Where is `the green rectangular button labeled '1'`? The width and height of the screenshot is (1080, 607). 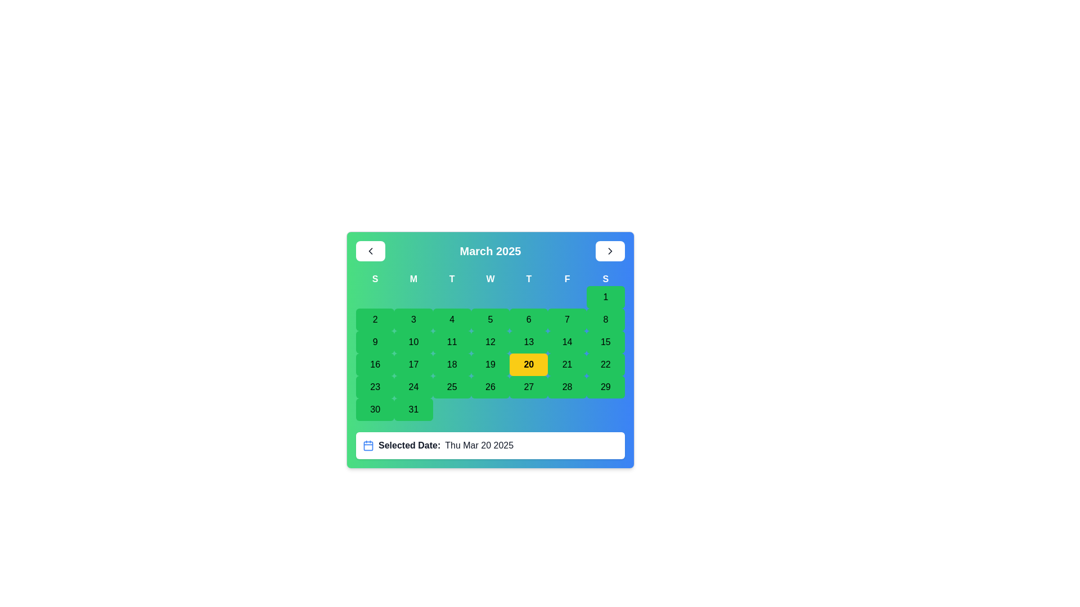 the green rectangular button labeled '1' is located at coordinates (605, 296).